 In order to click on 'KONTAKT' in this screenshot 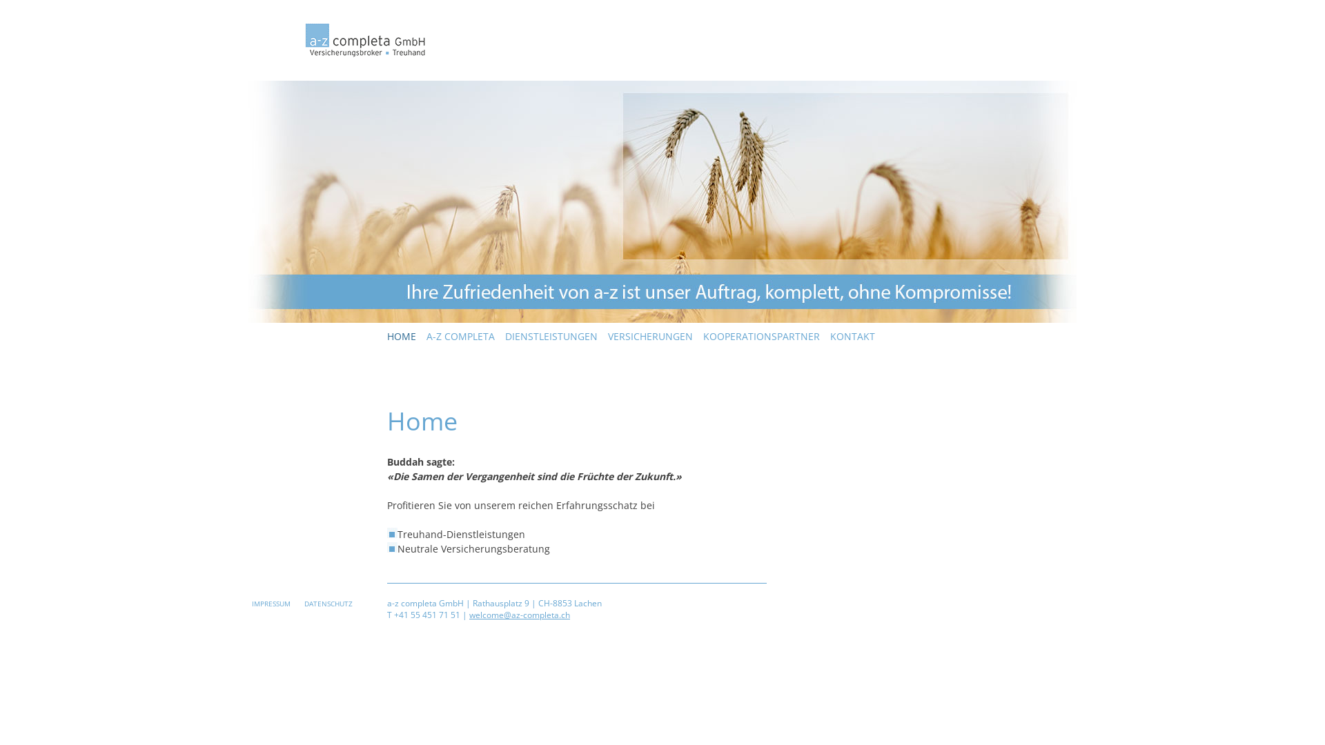, I will do `click(830, 336)`.